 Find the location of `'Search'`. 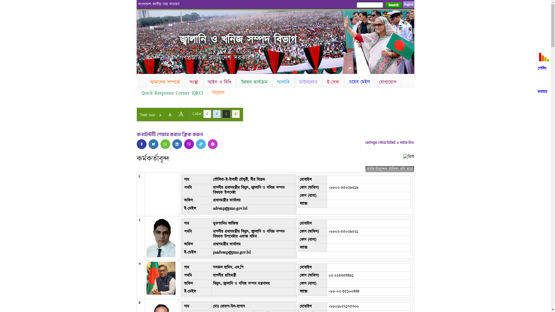

'Search' is located at coordinates (393, 5).